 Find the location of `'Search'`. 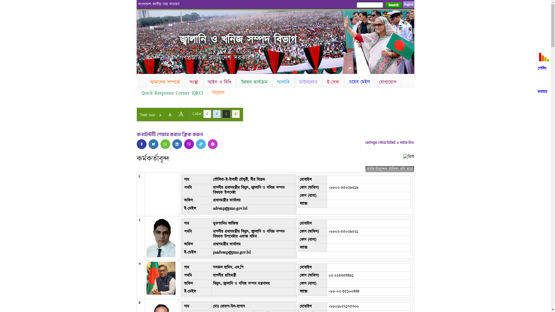

'Search' is located at coordinates (393, 5).